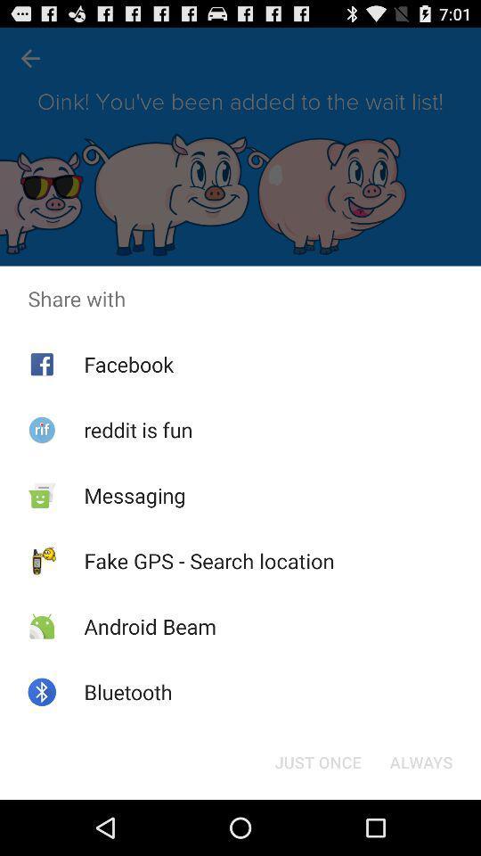 This screenshot has width=481, height=856. I want to click on the android beam icon, so click(149, 626).